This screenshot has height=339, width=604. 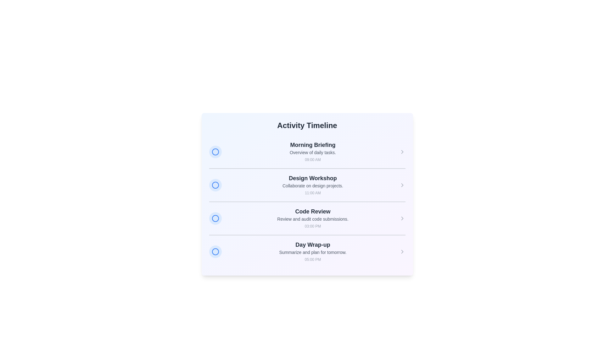 I want to click on the circular blue icon located to the left of the 'Code Review' item in the activity timeline, so click(x=215, y=218).